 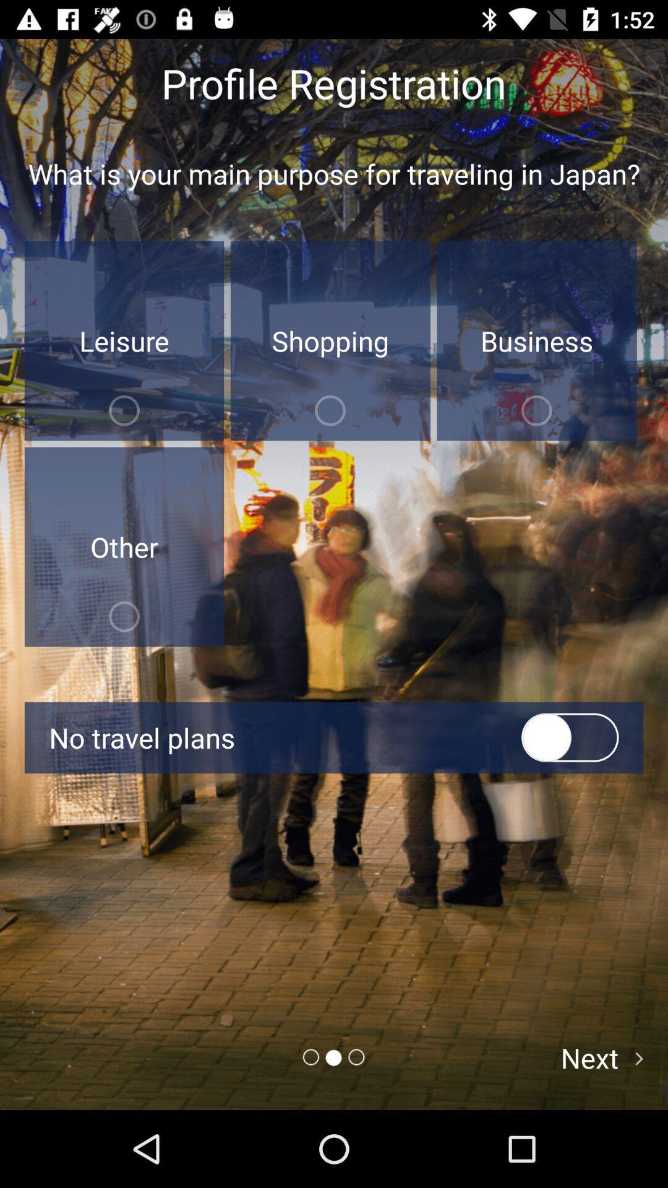 What do you see at coordinates (570, 738) in the screenshot?
I see `turn off or on` at bounding box center [570, 738].